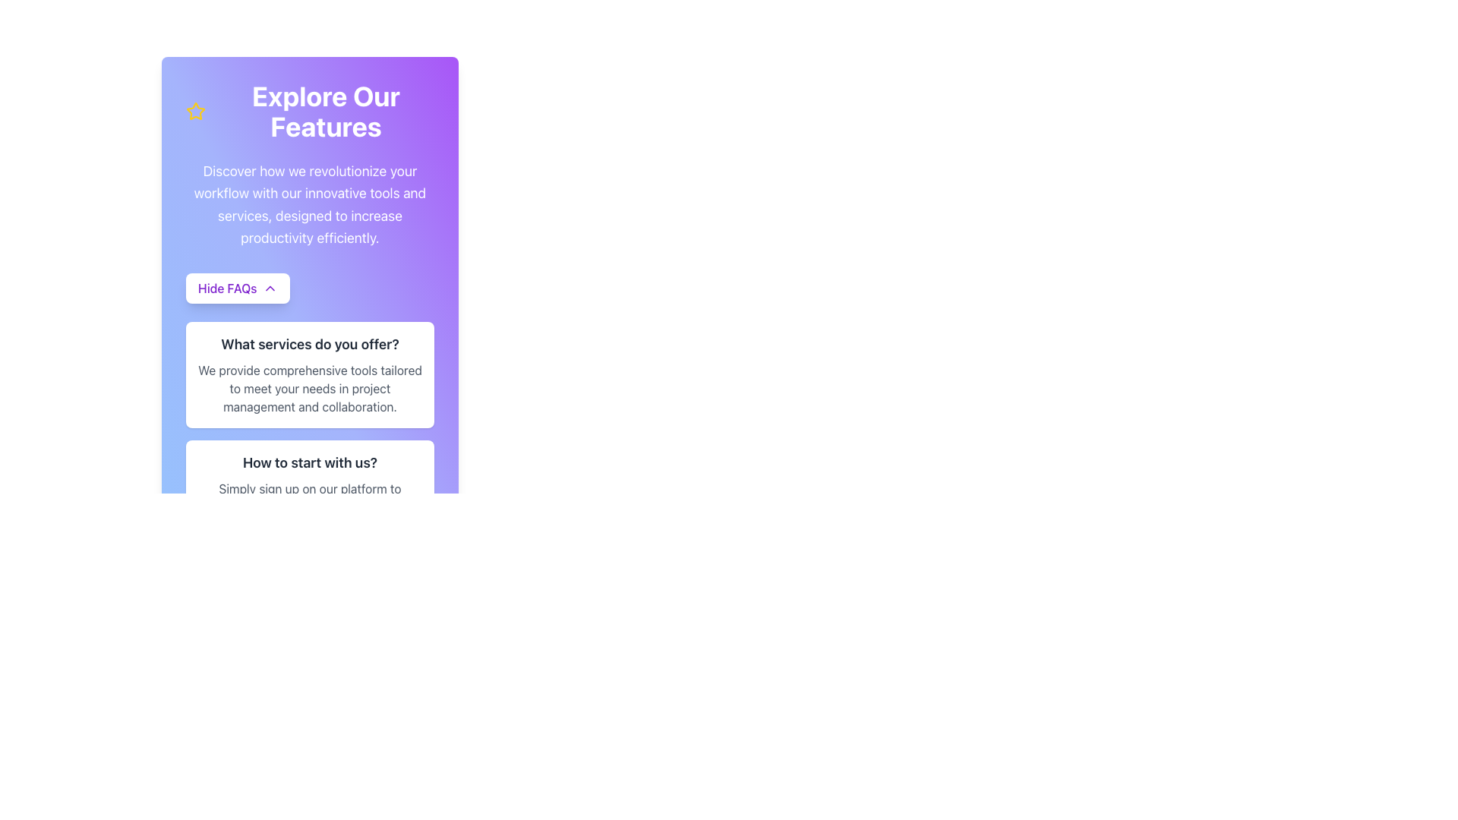 Image resolution: width=1458 pixels, height=820 pixels. Describe the element at coordinates (309, 203) in the screenshot. I see `text content from the descriptive text block located beneath the heading 'Explore Our Features' and above the 'Hide FAQs' button` at that location.